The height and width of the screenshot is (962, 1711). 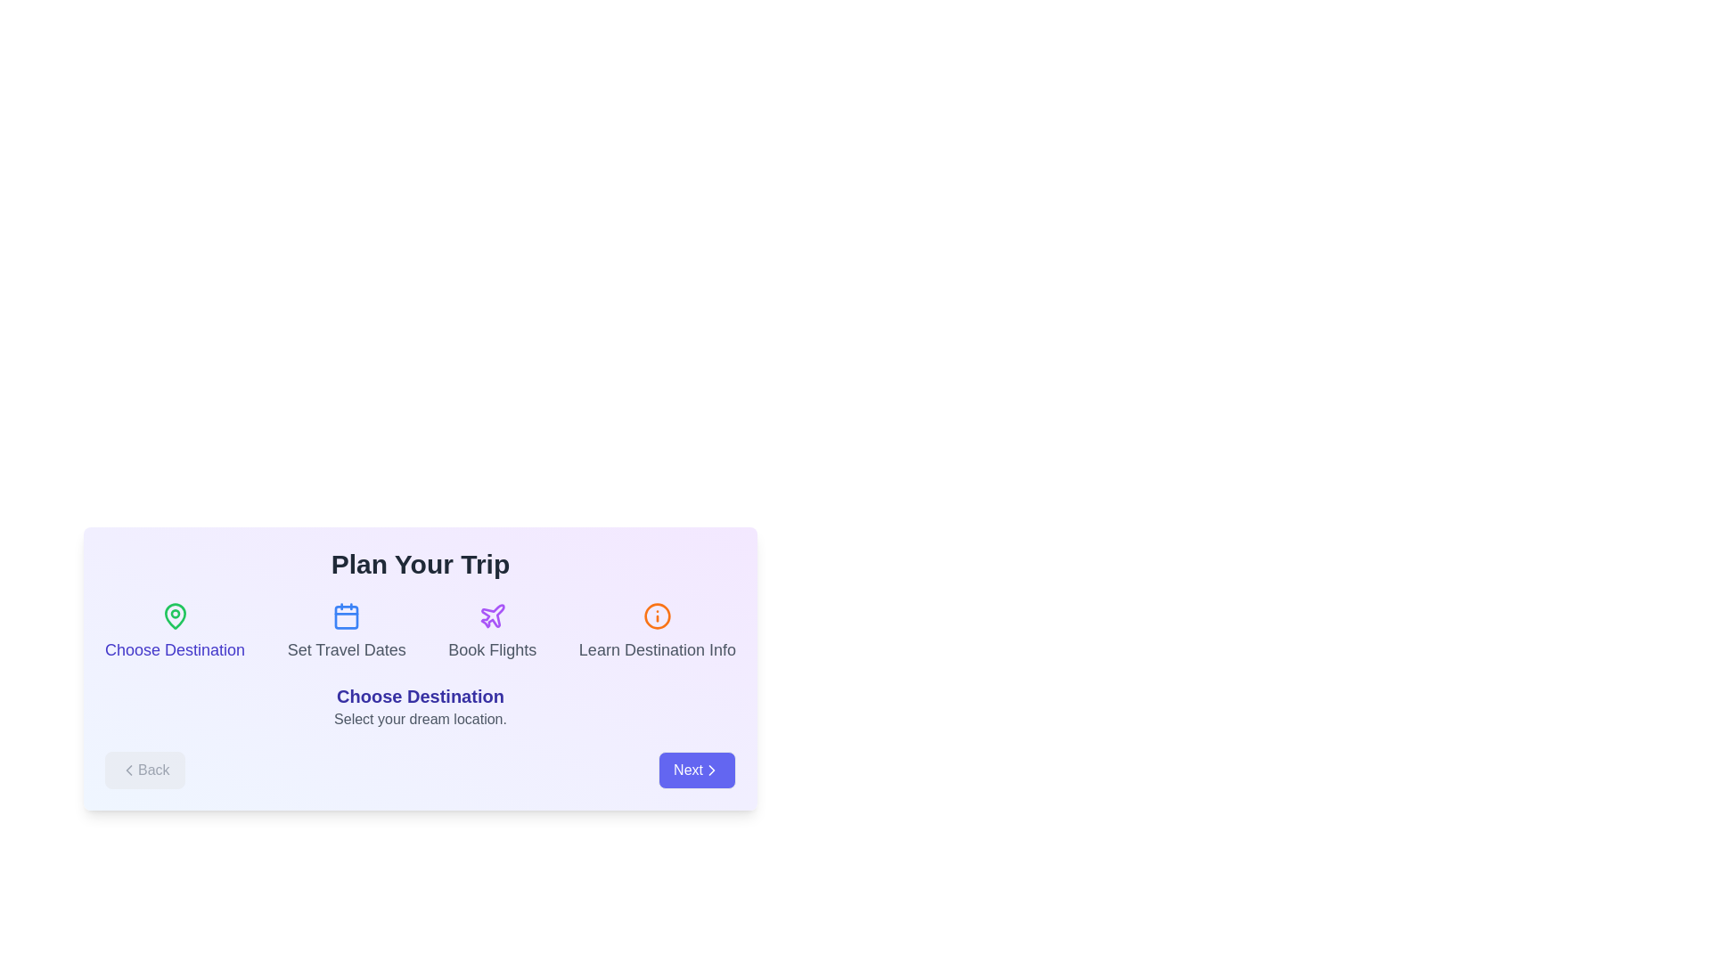 I want to click on the green location pin icon, which is the first in a row of four travel step icons, so click(x=175, y=615).